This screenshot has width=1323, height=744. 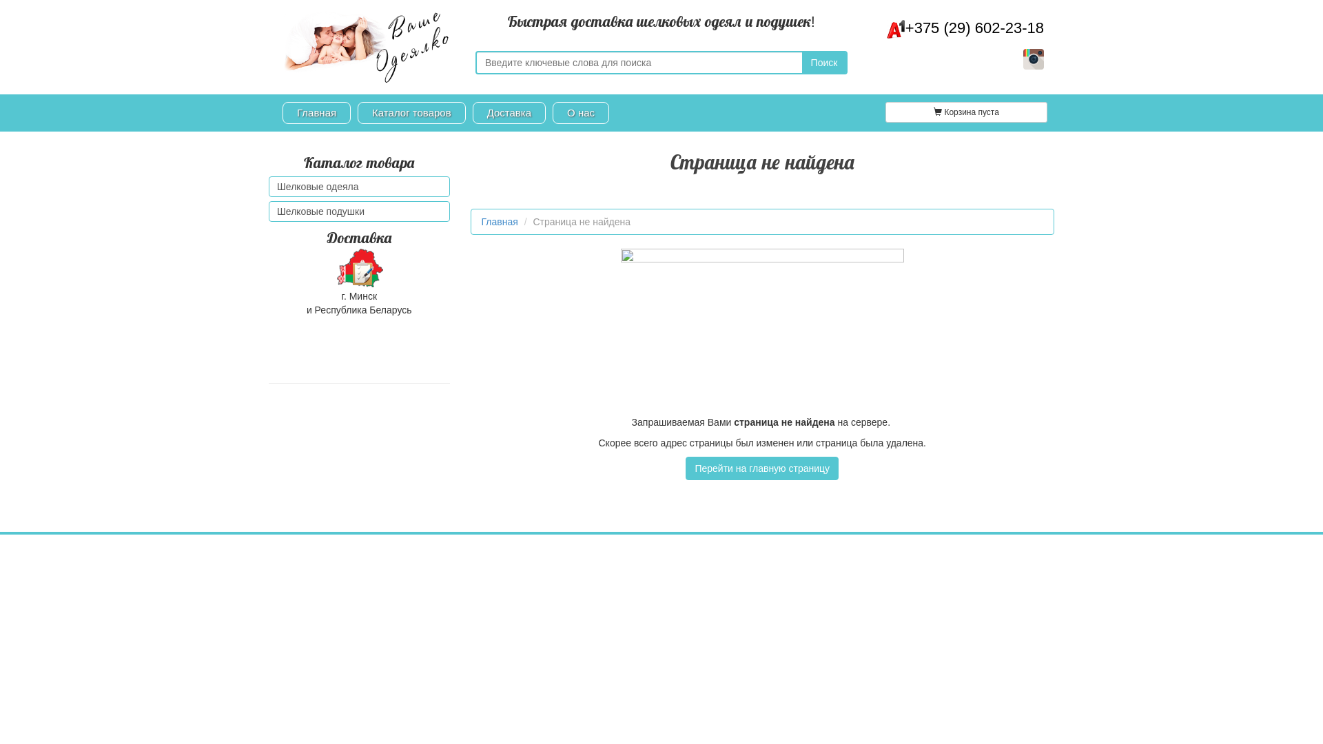 I want to click on '+375 (29) 602-23-18', so click(x=965, y=28).